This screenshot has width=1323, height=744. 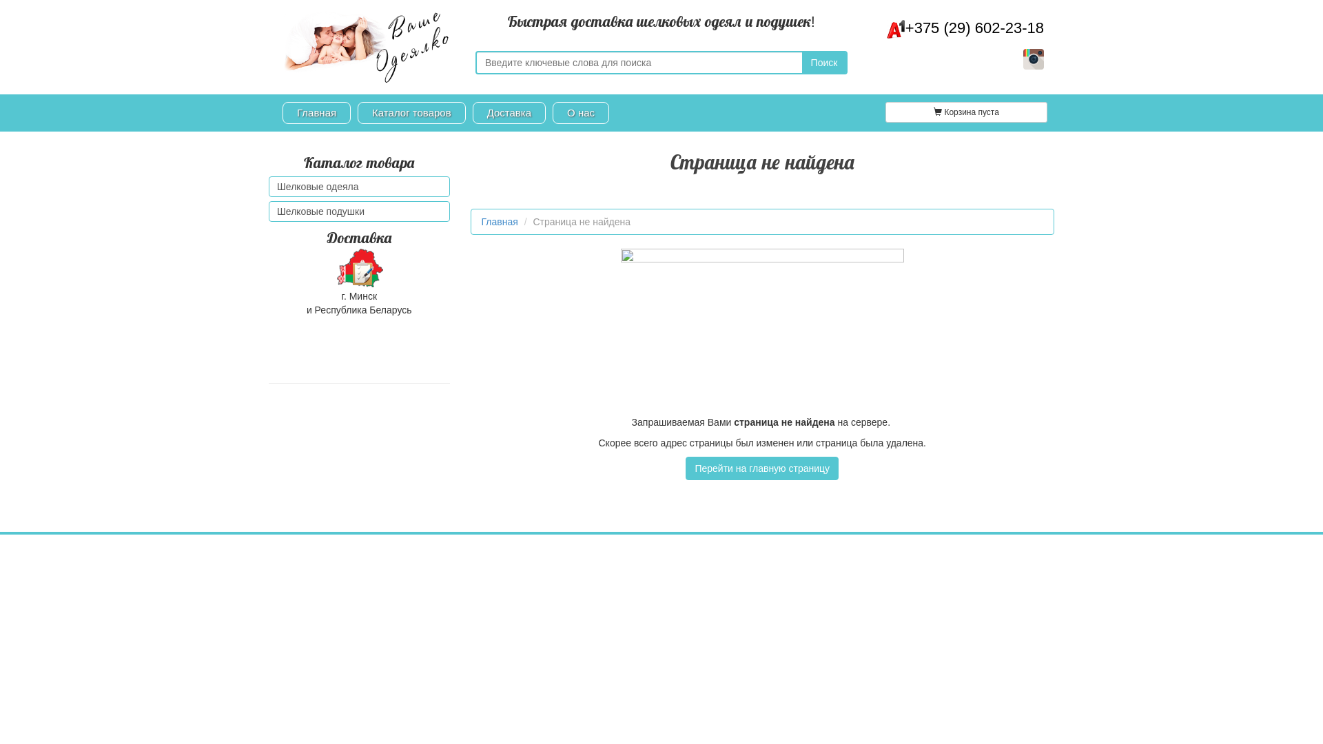 I want to click on '+375 (29) 602-23-18', so click(x=965, y=28).